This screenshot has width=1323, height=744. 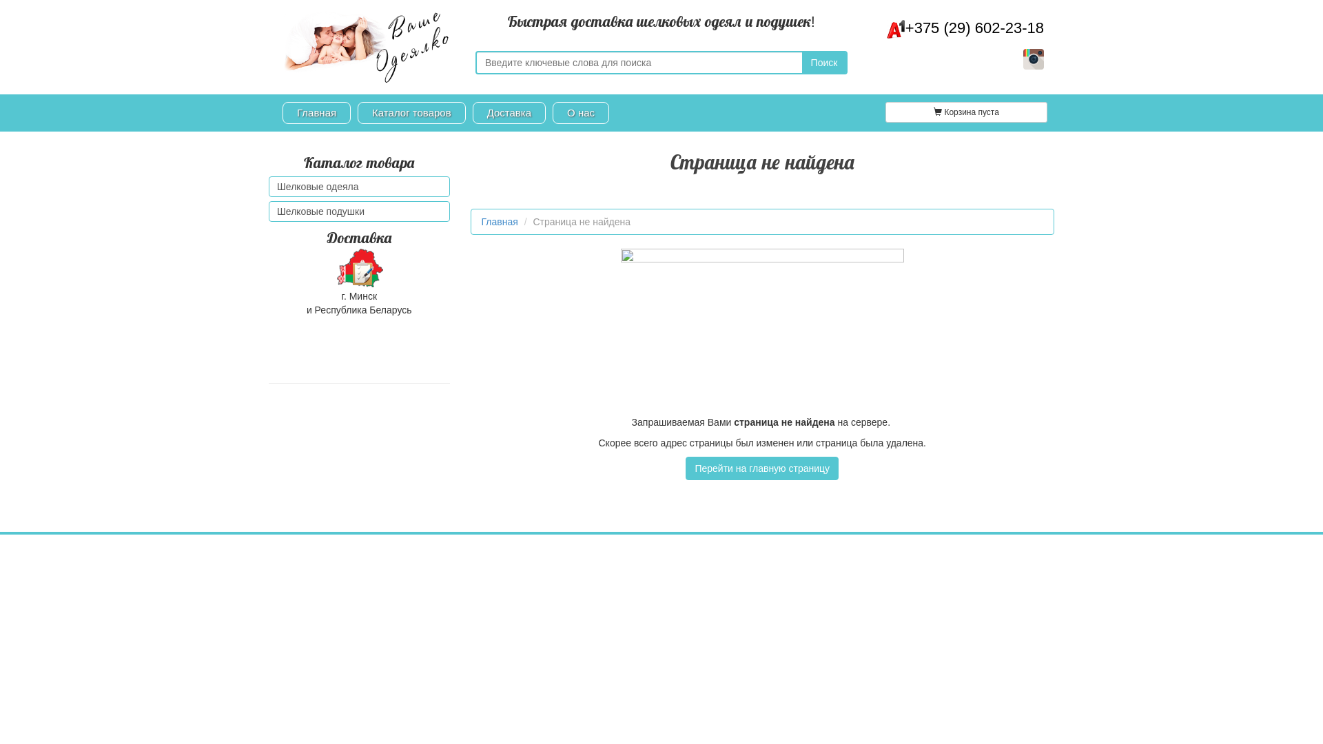 I want to click on '+375 (29) 602-23-18', so click(x=965, y=28).